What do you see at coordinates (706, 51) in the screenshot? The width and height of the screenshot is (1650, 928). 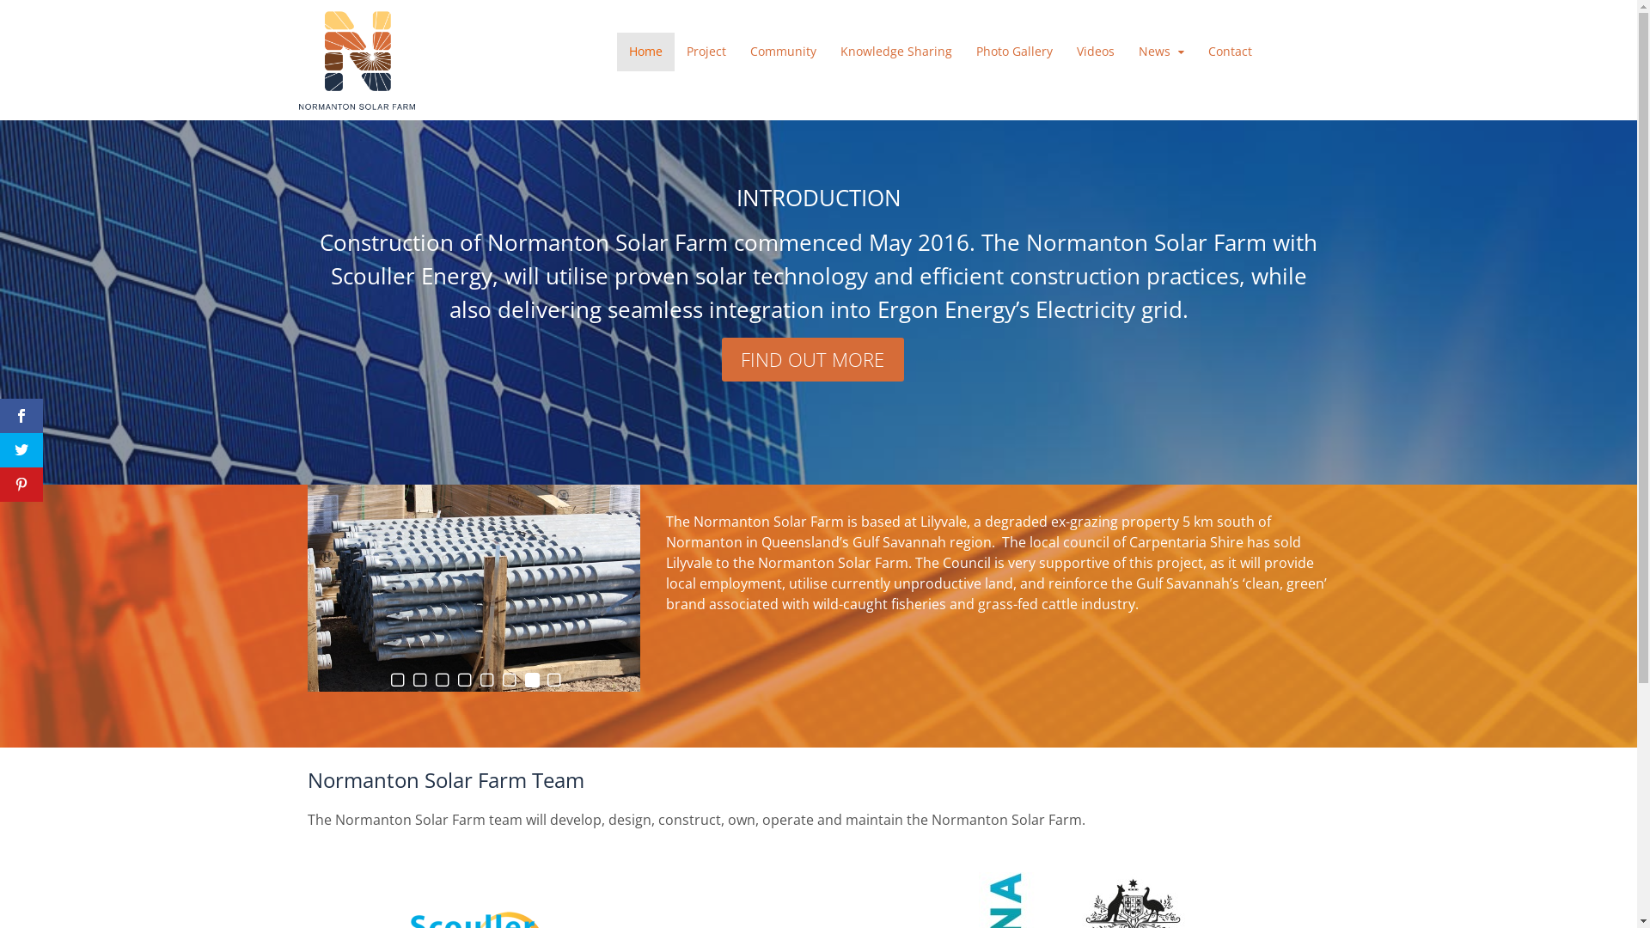 I see `'Project'` at bounding box center [706, 51].